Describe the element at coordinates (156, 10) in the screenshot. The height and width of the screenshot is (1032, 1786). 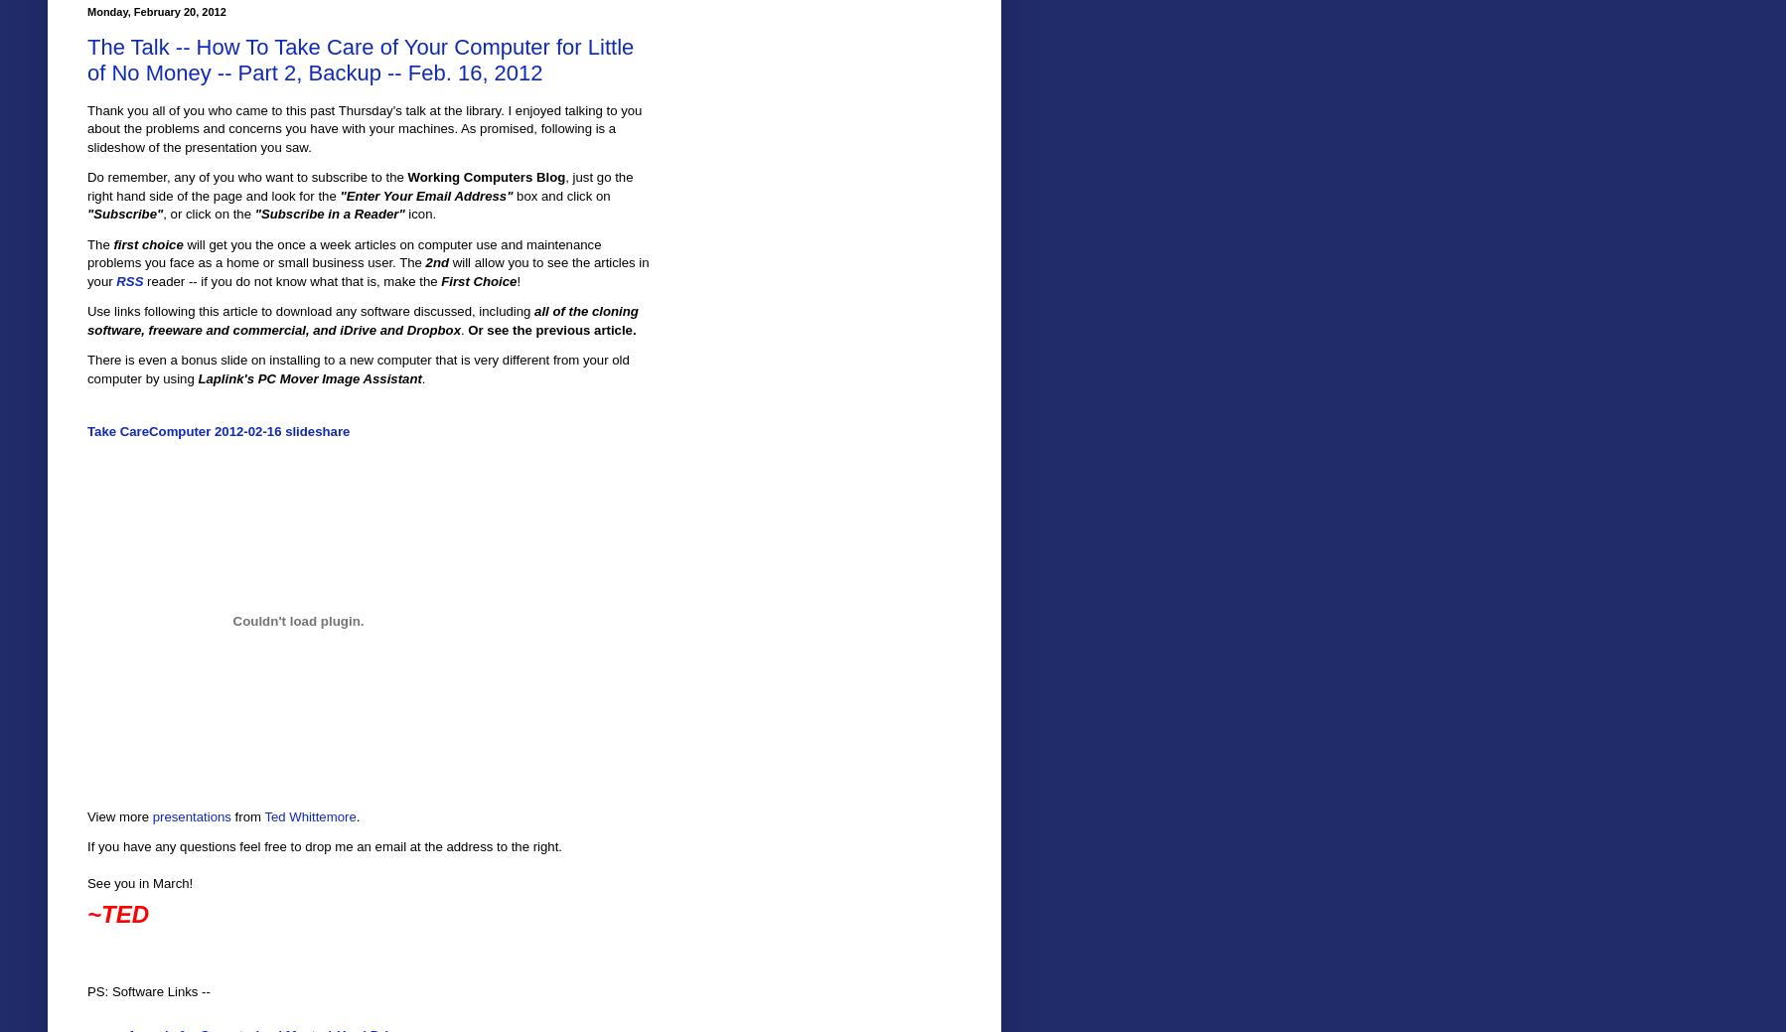
I see `'Monday, February 20, 2012'` at that location.